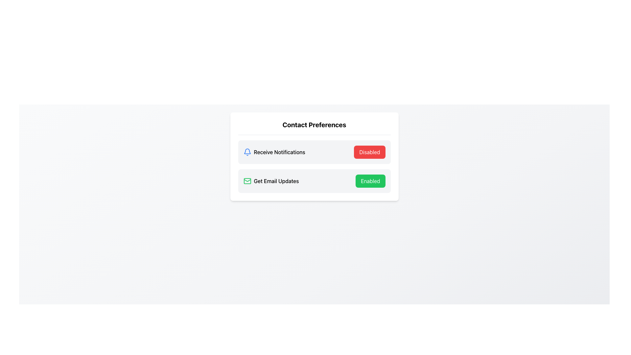 Image resolution: width=631 pixels, height=355 pixels. I want to click on the blue bell icon representing notifications, located to the left of the 'Receive Notifications' label in the preferences layout, so click(247, 152).